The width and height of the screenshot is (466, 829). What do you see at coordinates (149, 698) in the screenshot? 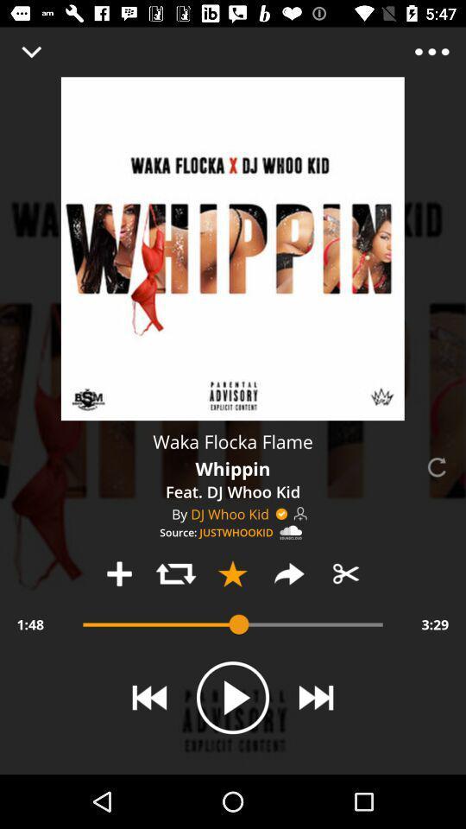
I see `the av_rewind icon` at bounding box center [149, 698].